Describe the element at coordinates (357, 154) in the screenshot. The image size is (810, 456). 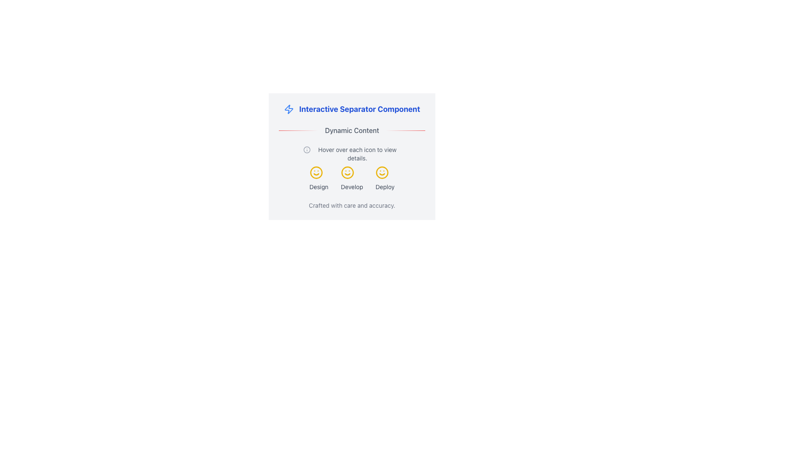
I see `the informational label that reads 'Hover over each icon` at that location.